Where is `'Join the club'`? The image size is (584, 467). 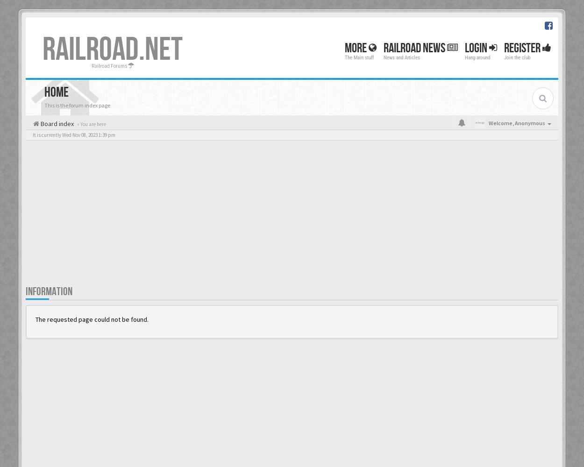 'Join the club' is located at coordinates (517, 57).